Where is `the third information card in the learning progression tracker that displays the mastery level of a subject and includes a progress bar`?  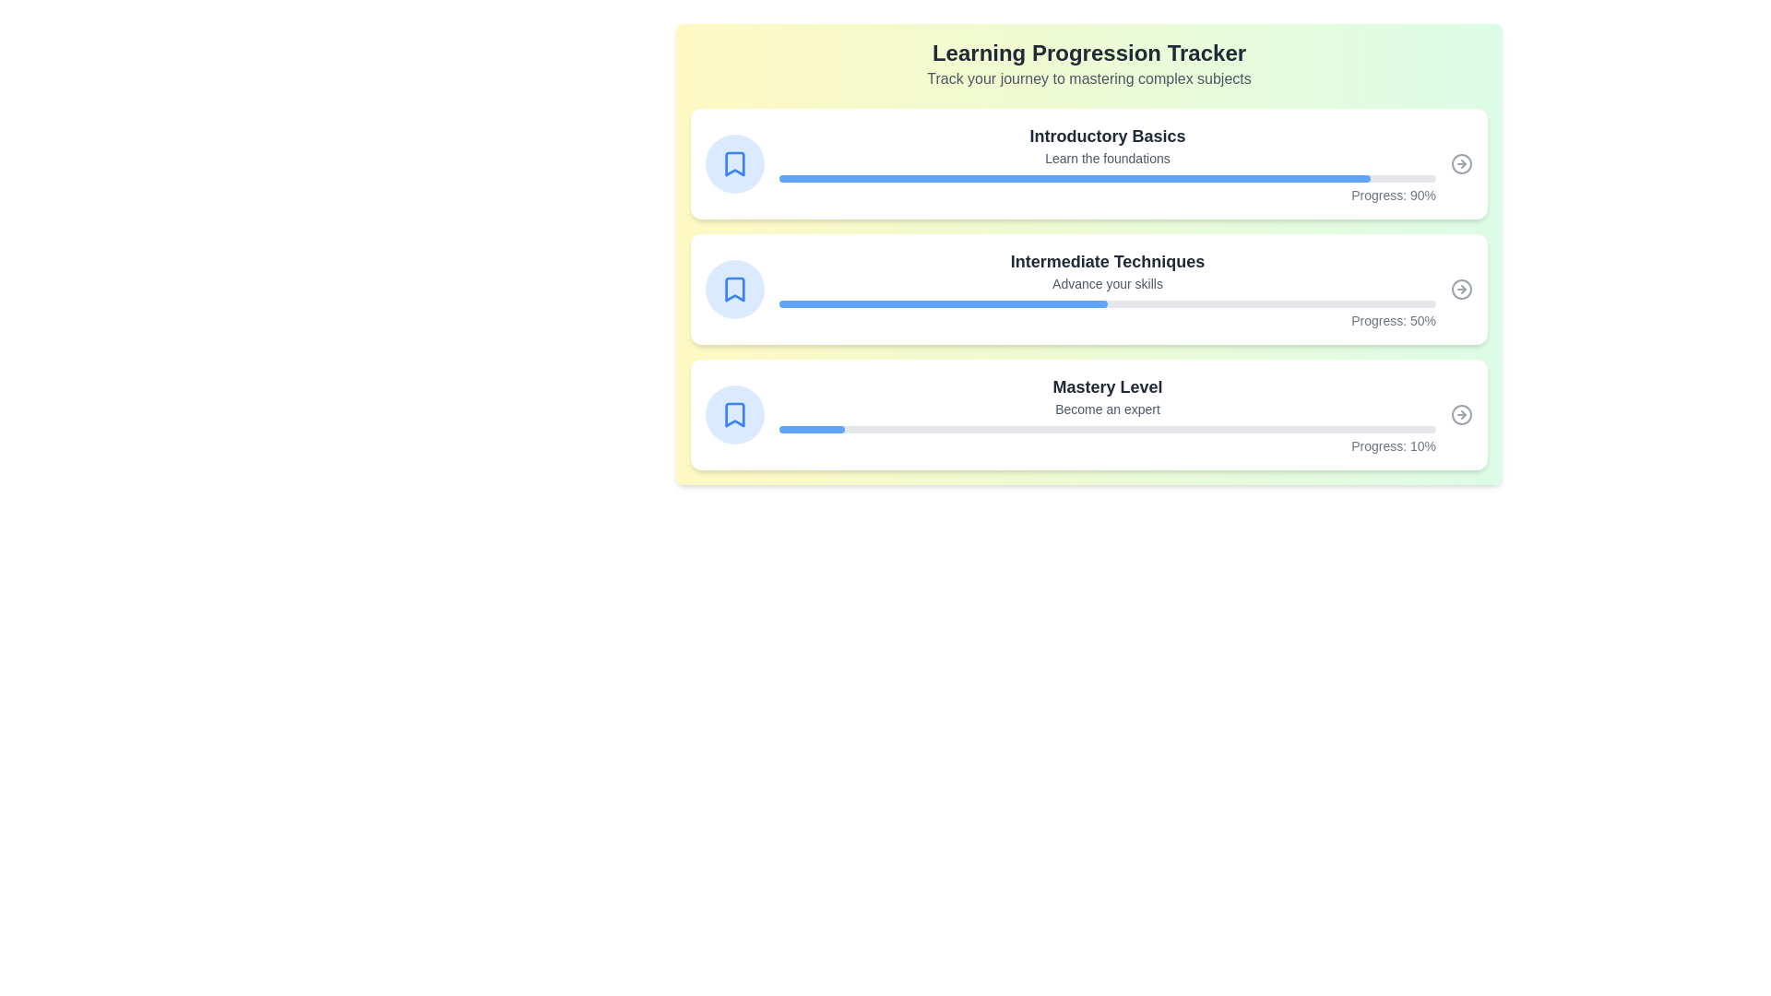 the third information card in the learning progression tracker that displays the mastery level of a subject and includes a progress bar is located at coordinates (1088, 415).